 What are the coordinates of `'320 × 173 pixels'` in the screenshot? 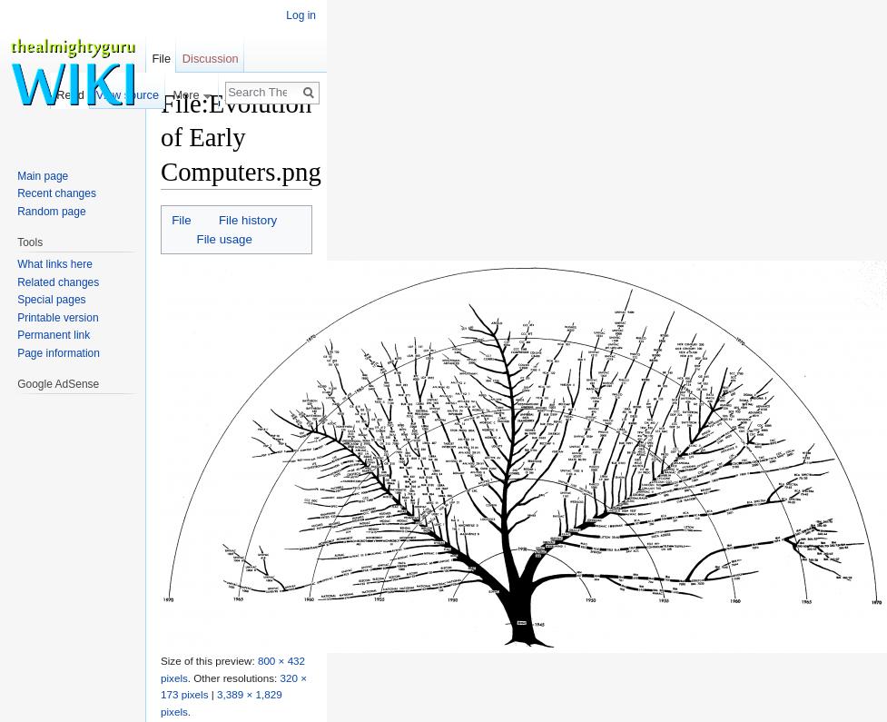 It's located at (232, 685).